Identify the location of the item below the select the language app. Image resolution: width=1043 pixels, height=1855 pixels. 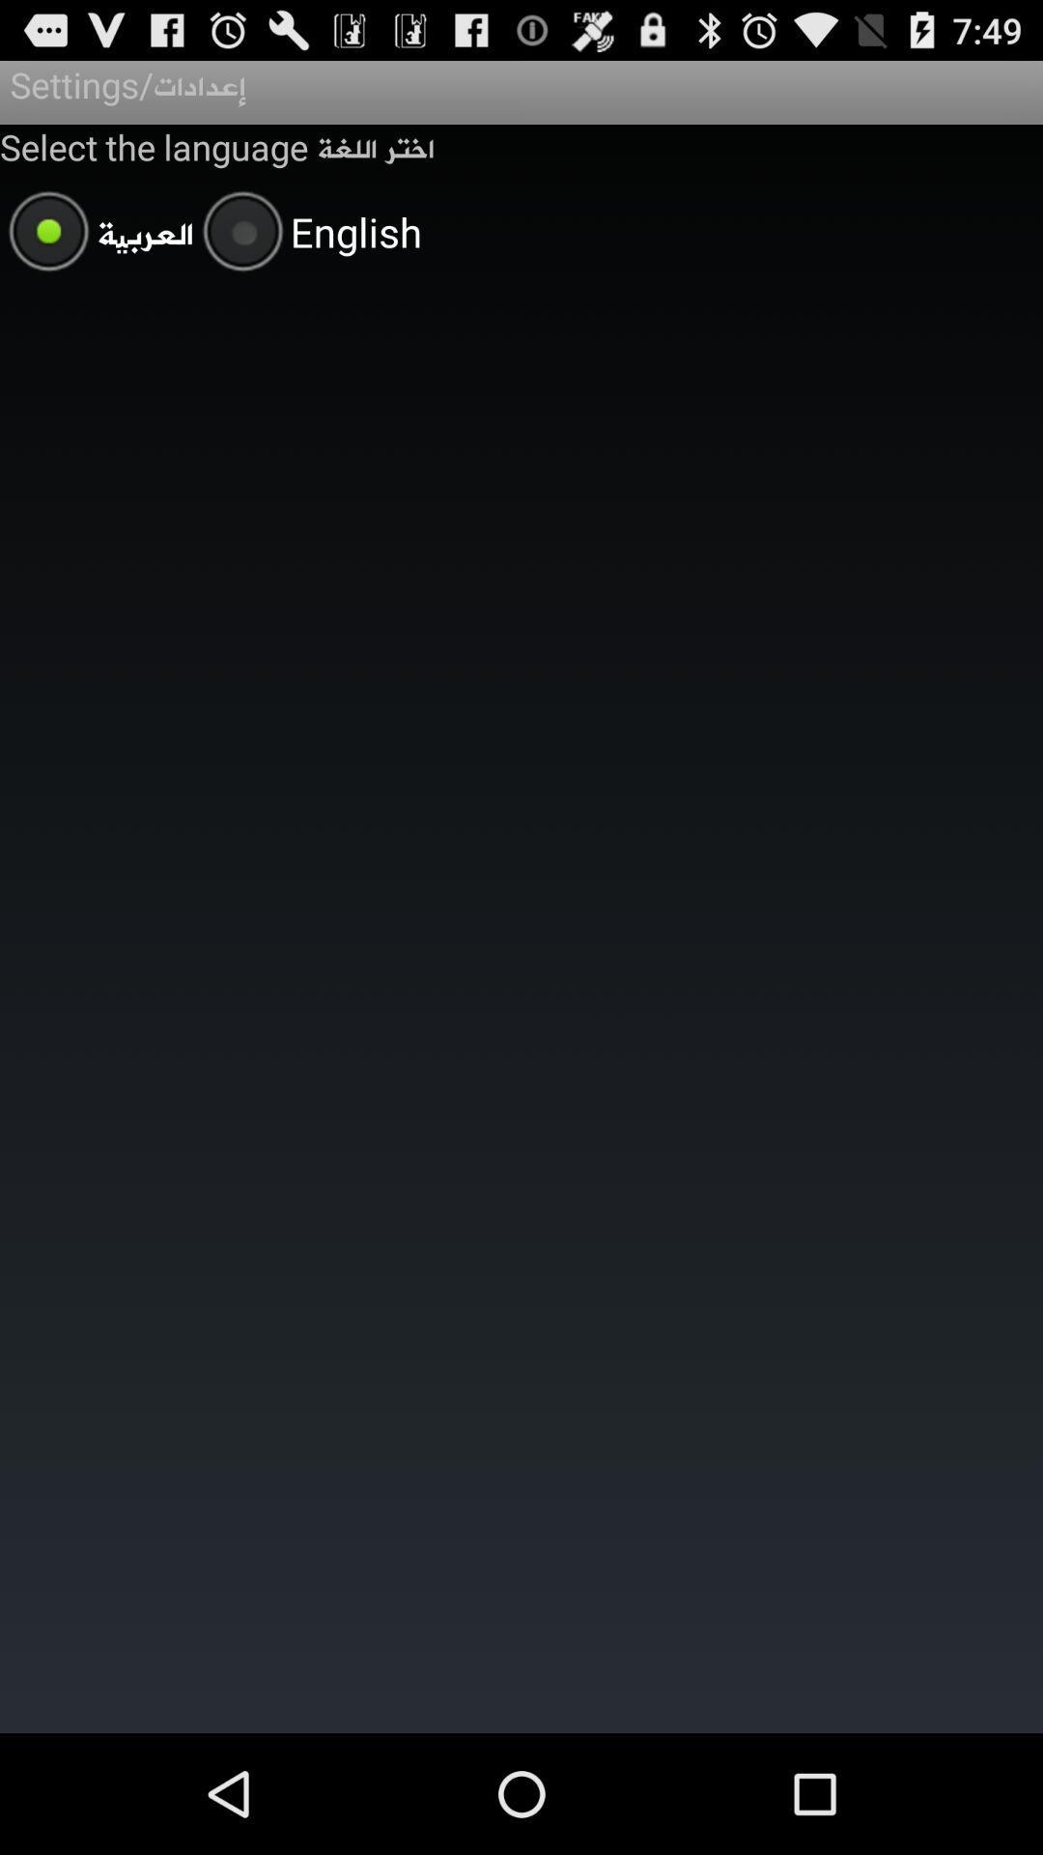
(307, 234).